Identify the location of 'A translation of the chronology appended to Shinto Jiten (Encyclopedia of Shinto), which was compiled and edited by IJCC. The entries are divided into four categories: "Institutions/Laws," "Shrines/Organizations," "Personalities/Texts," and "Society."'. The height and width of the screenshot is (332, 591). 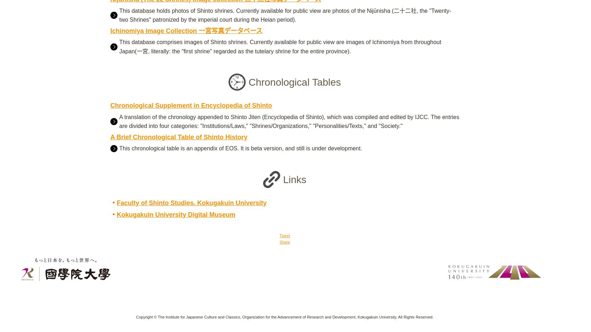
(289, 121).